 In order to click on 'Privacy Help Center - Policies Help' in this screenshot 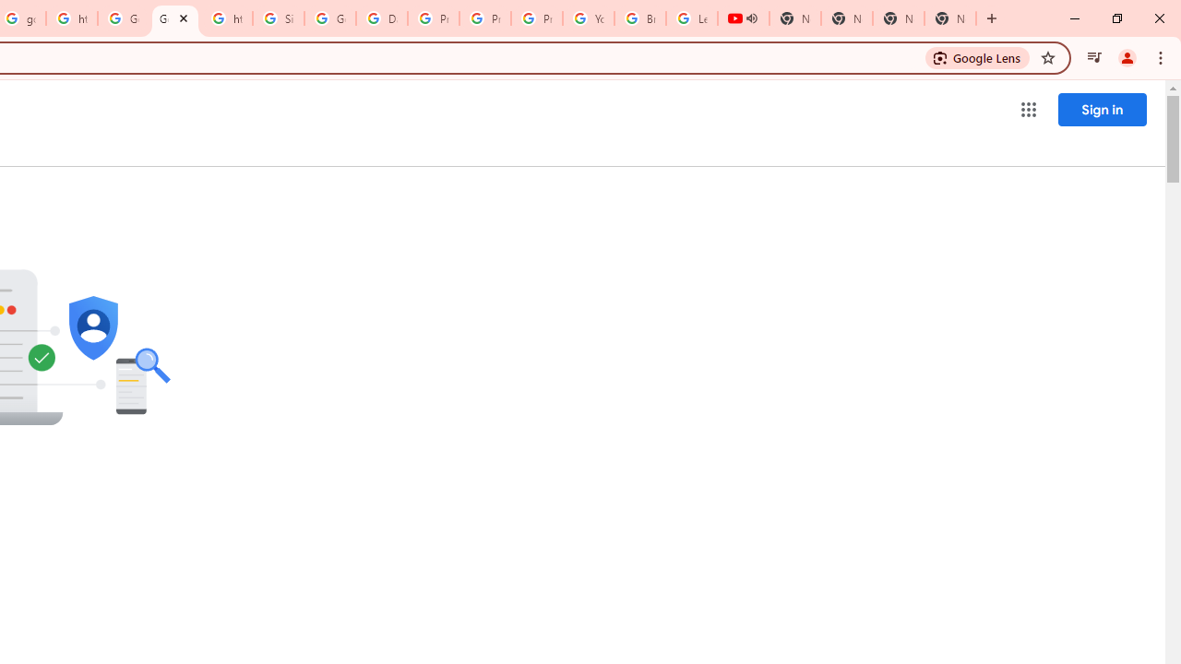, I will do `click(485, 18)`.